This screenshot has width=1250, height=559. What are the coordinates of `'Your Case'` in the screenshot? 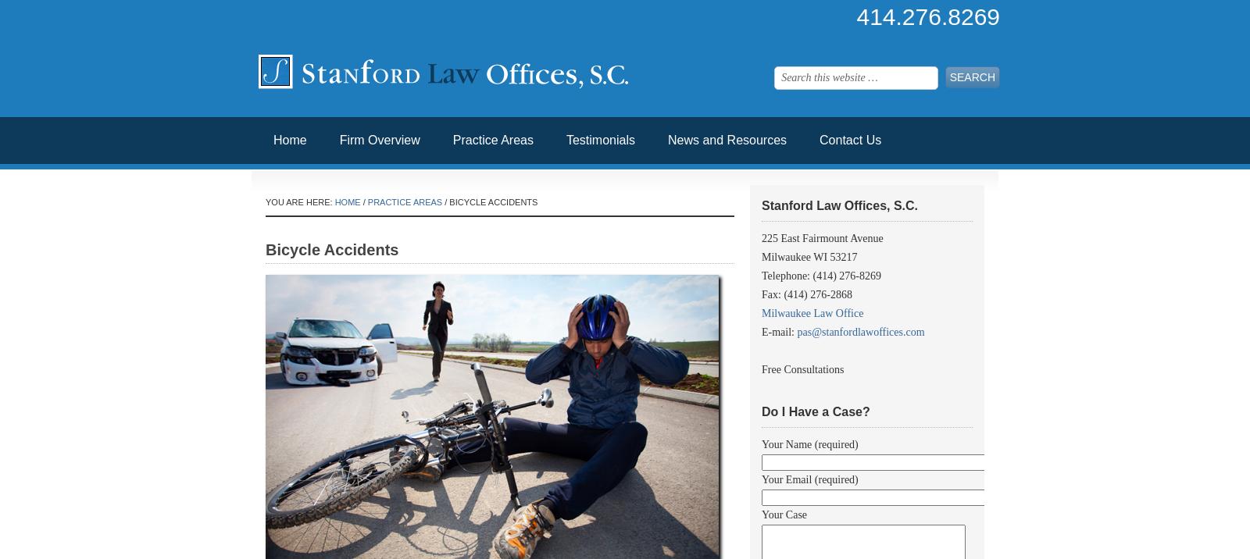 It's located at (784, 514).